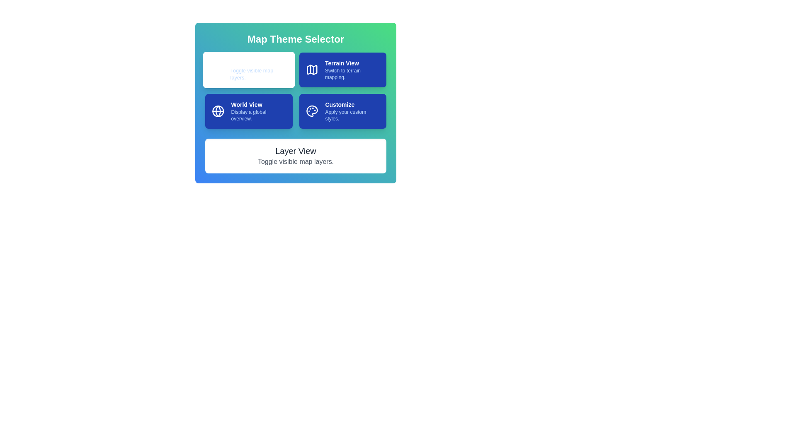  I want to click on the Item Icon resembling a paint palette, which is located inside the 'Customize' button on the bottom-right of the highlighted panel, so click(312, 111).